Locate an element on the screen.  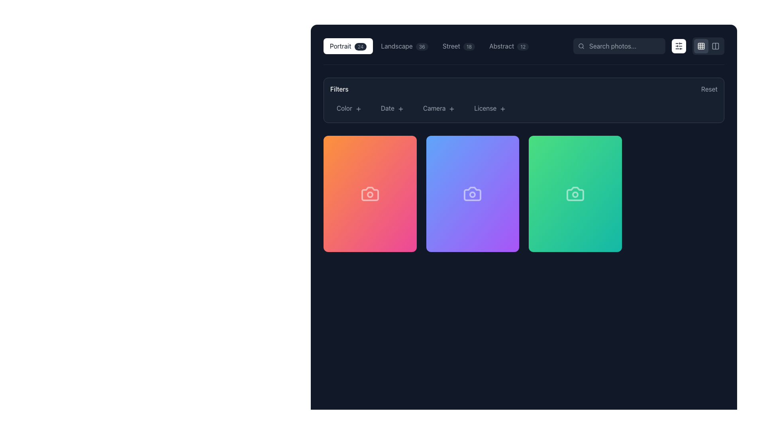
the Control Panel located at the upper region of the purple card to explore additional options, if available is located at coordinates (473, 149).